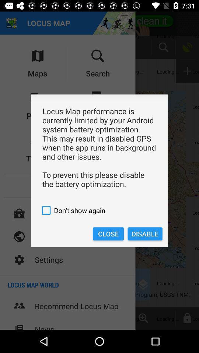 The height and width of the screenshot is (353, 199). I want to click on the disable icon, so click(145, 233).